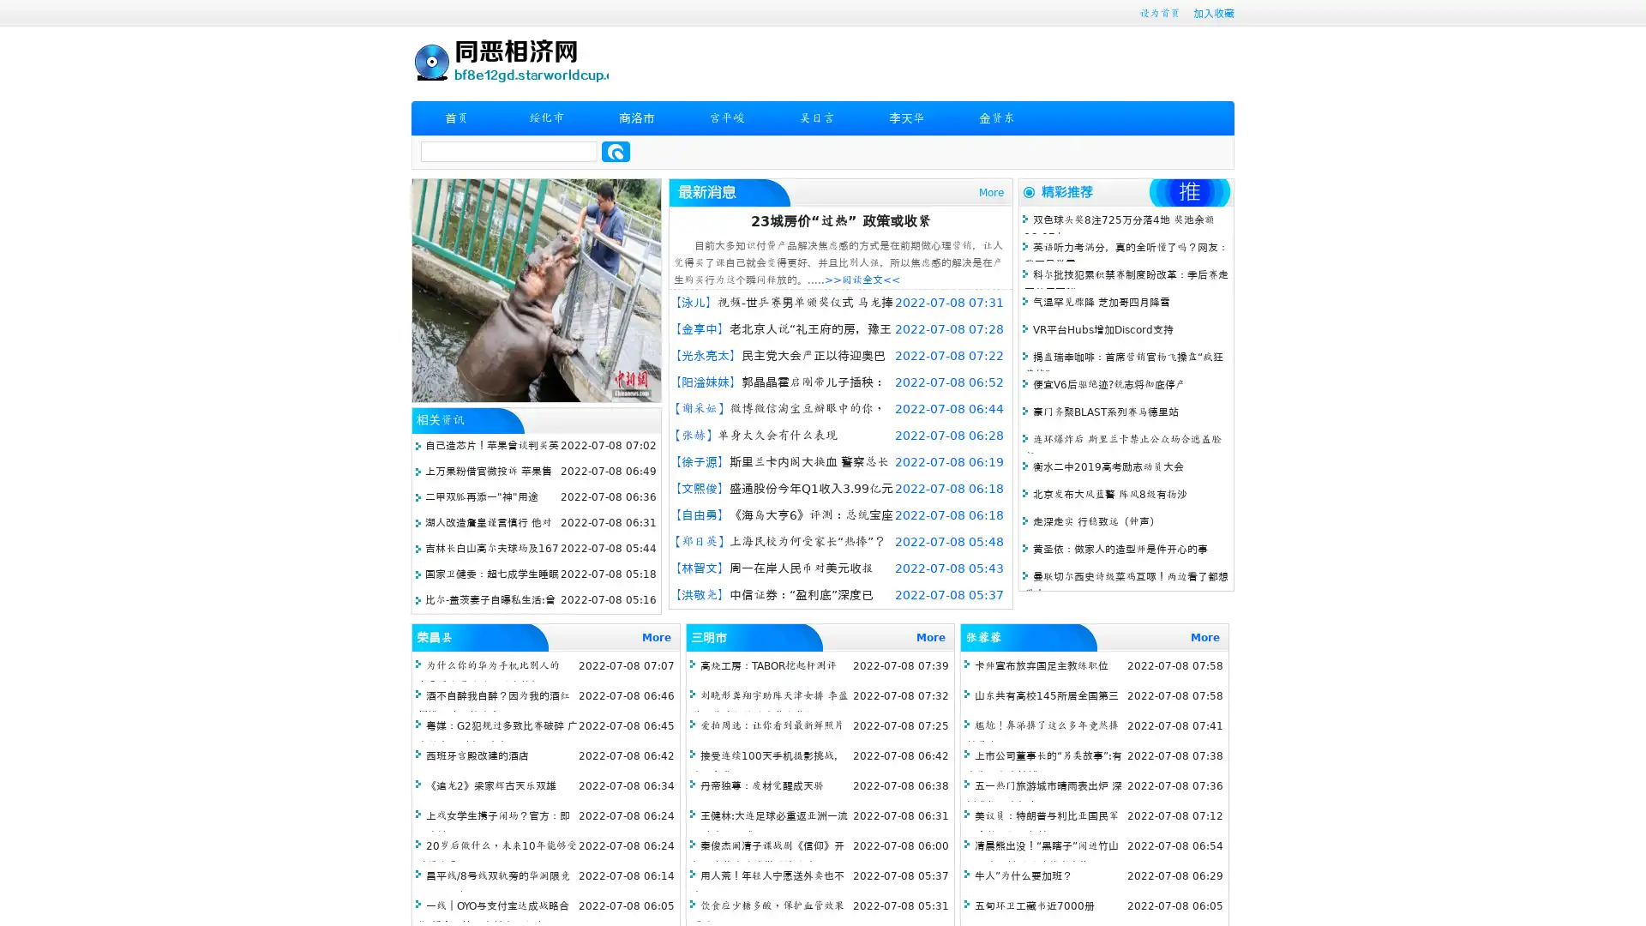 The width and height of the screenshot is (1646, 926). What do you see at coordinates (616, 151) in the screenshot?
I see `Search` at bounding box center [616, 151].